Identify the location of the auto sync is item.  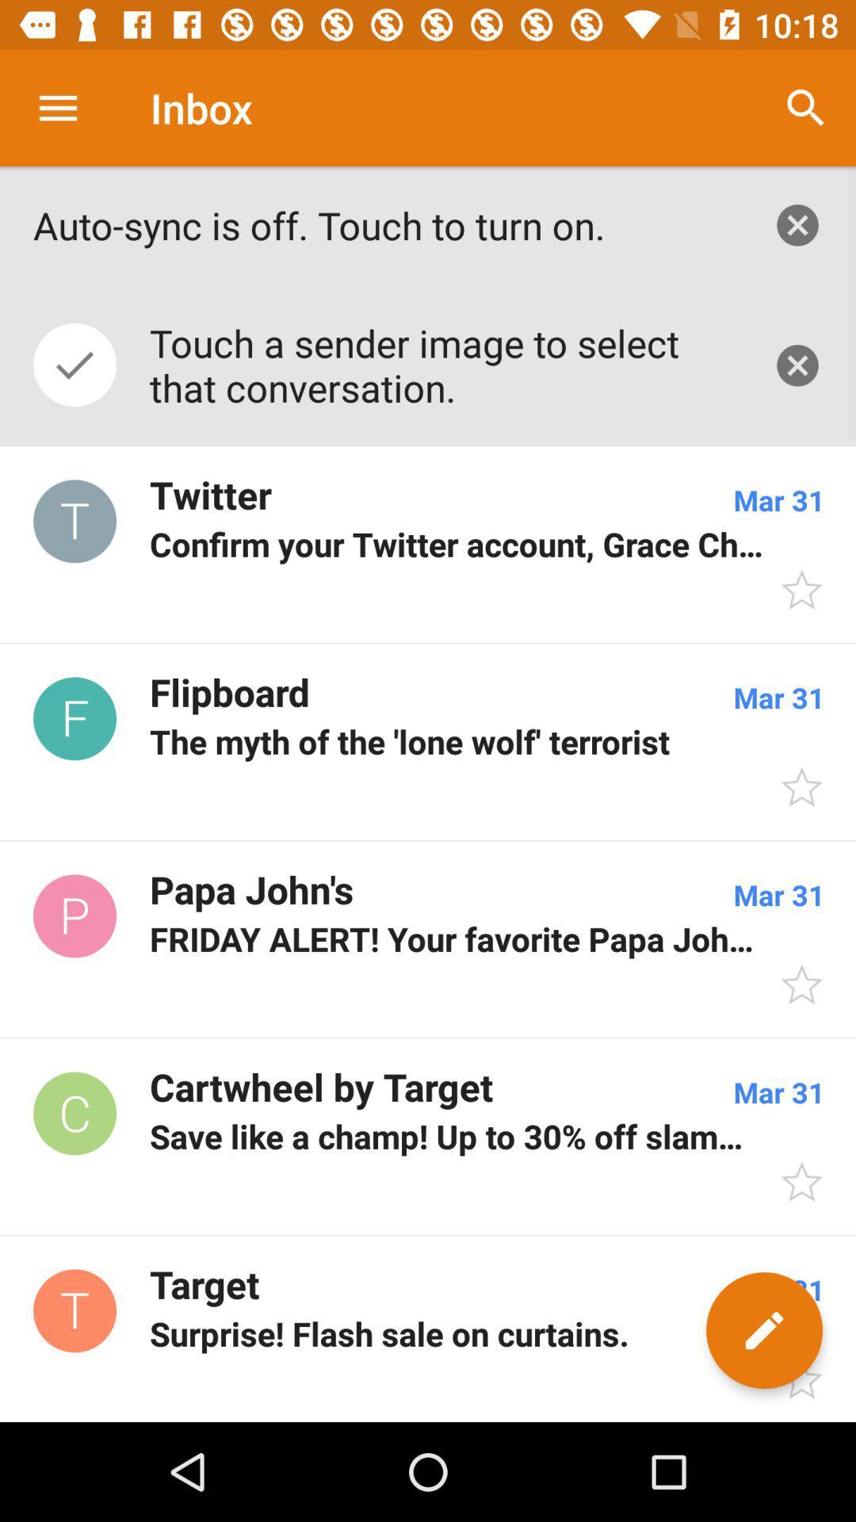
(386, 224).